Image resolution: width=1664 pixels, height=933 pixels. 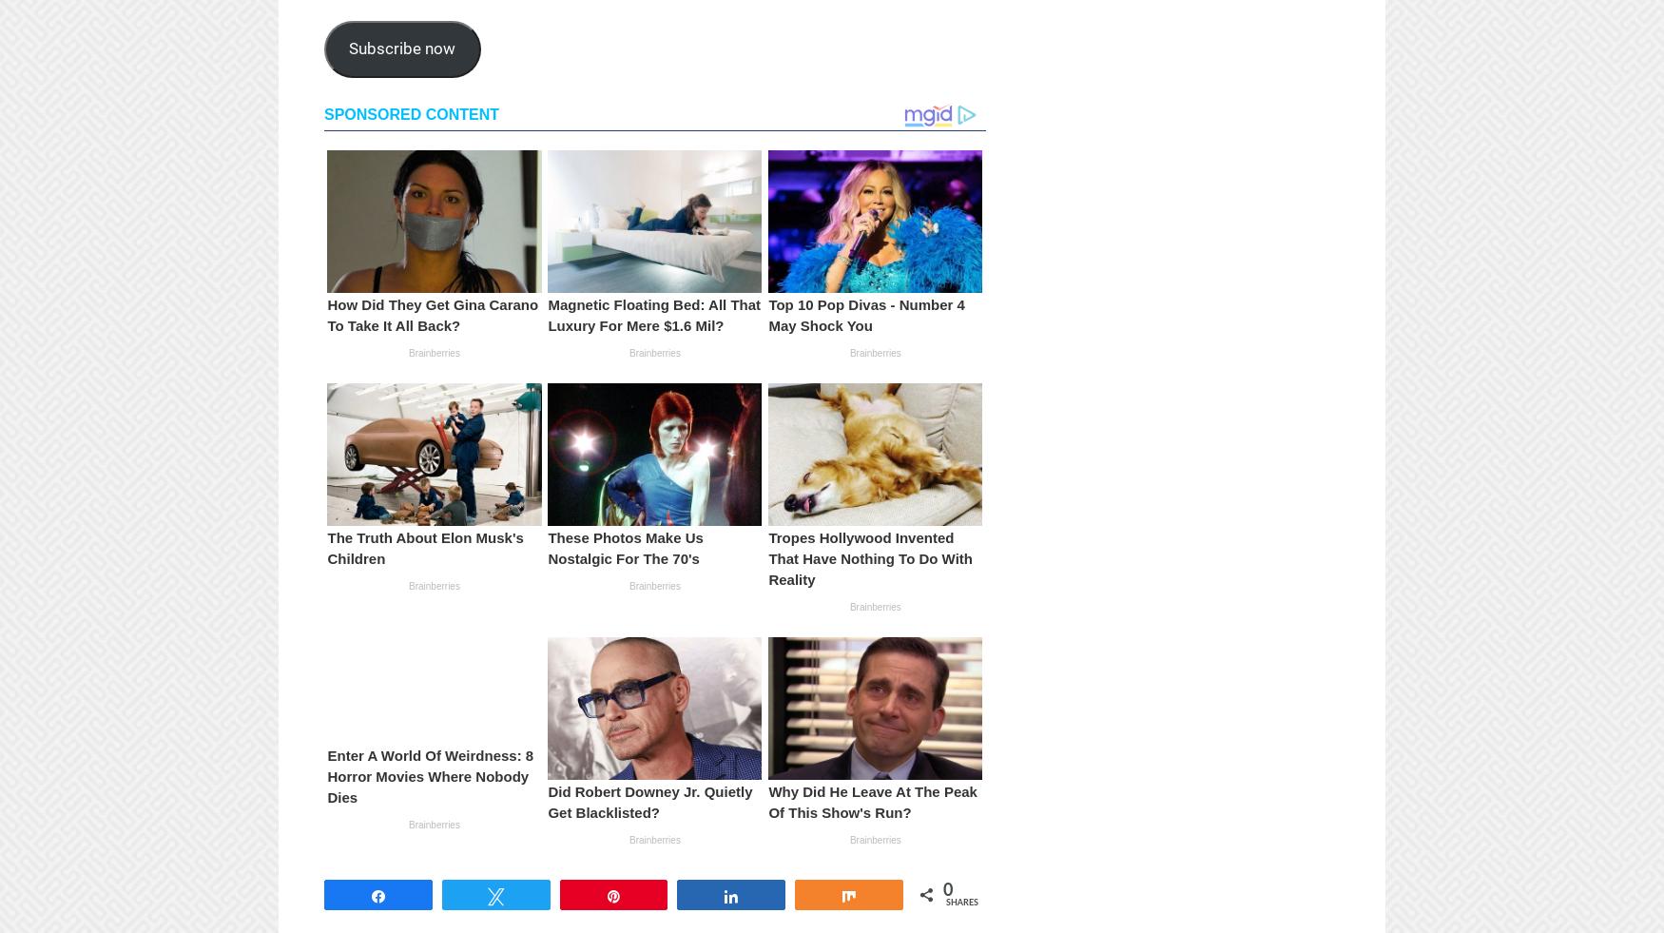 I want to click on 'Tropes Hollywood Invented That Have Nothing To Do With Reality', so click(x=869, y=557).